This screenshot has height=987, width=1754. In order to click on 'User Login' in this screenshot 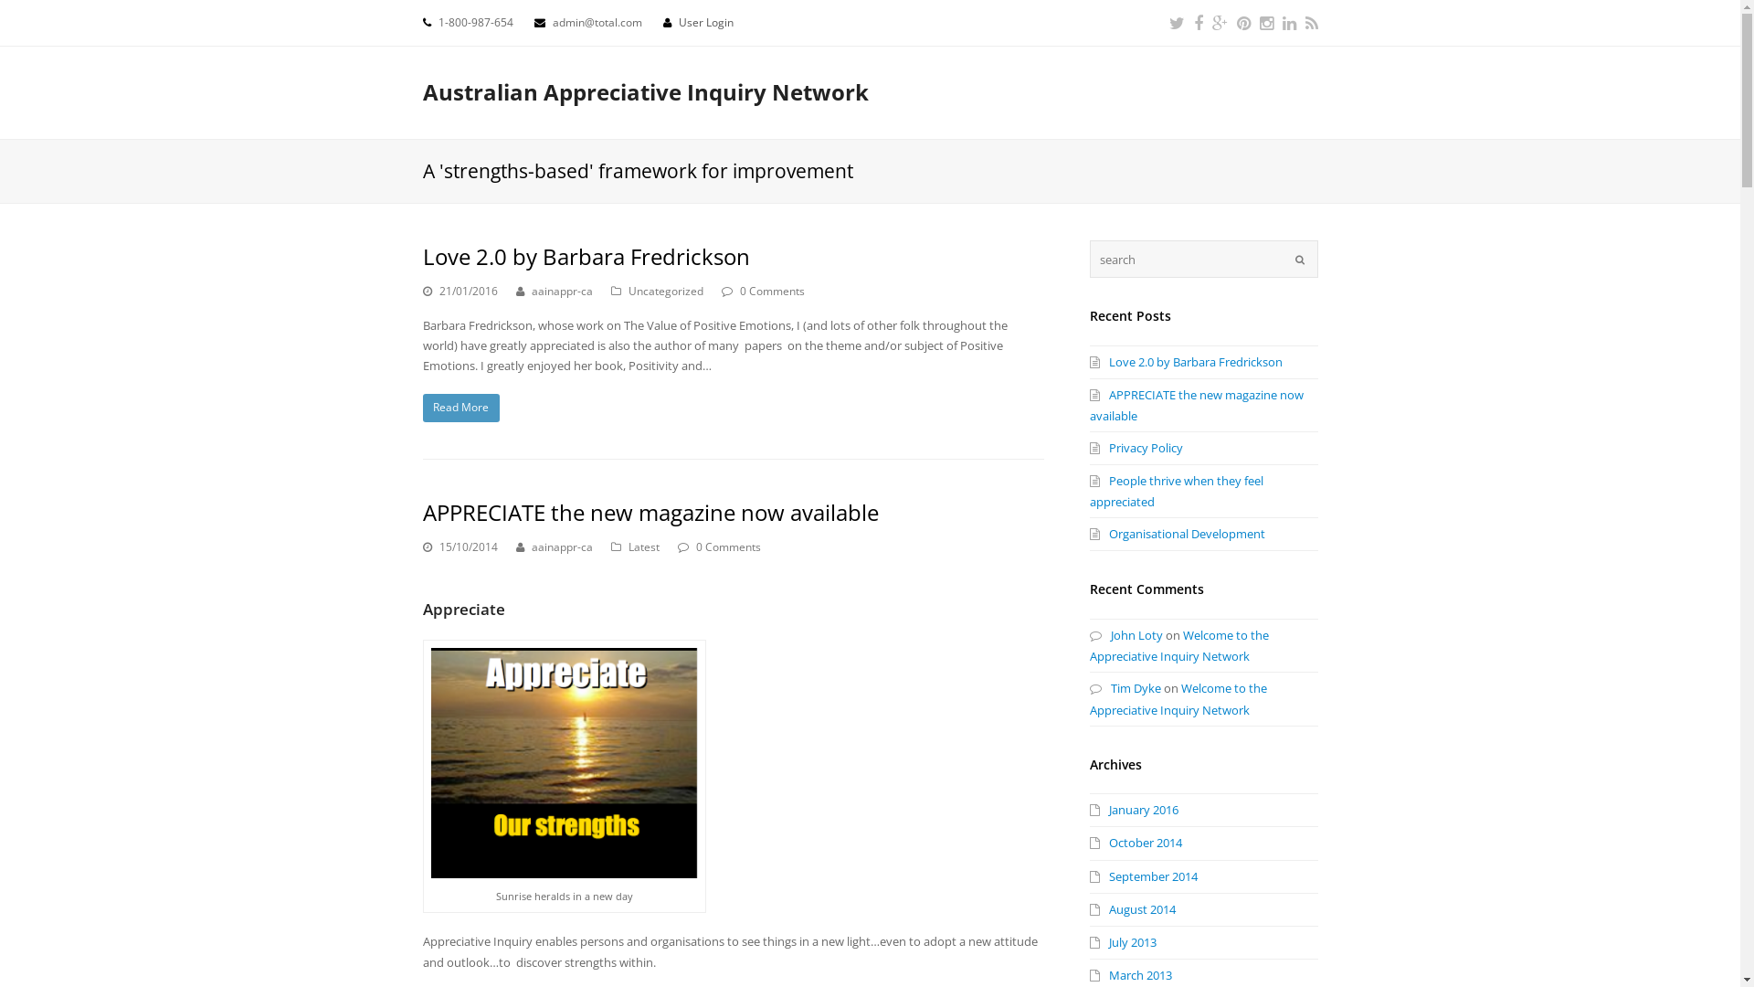, I will do `click(704, 22)`.